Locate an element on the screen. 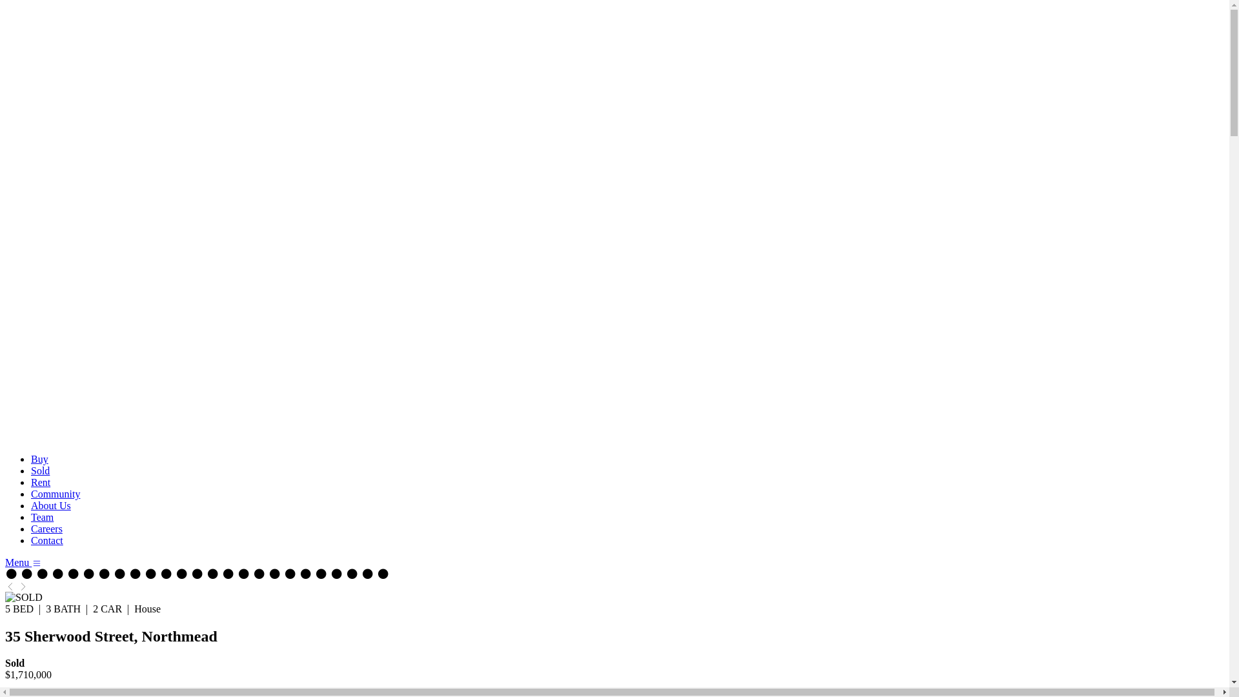 Image resolution: width=1239 pixels, height=697 pixels. 'Contact' is located at coordinates (46, 540).